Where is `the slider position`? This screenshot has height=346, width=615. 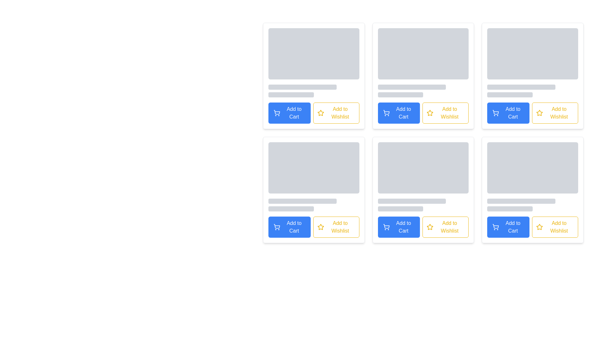 the slider position is located at coordinates (401, 209).